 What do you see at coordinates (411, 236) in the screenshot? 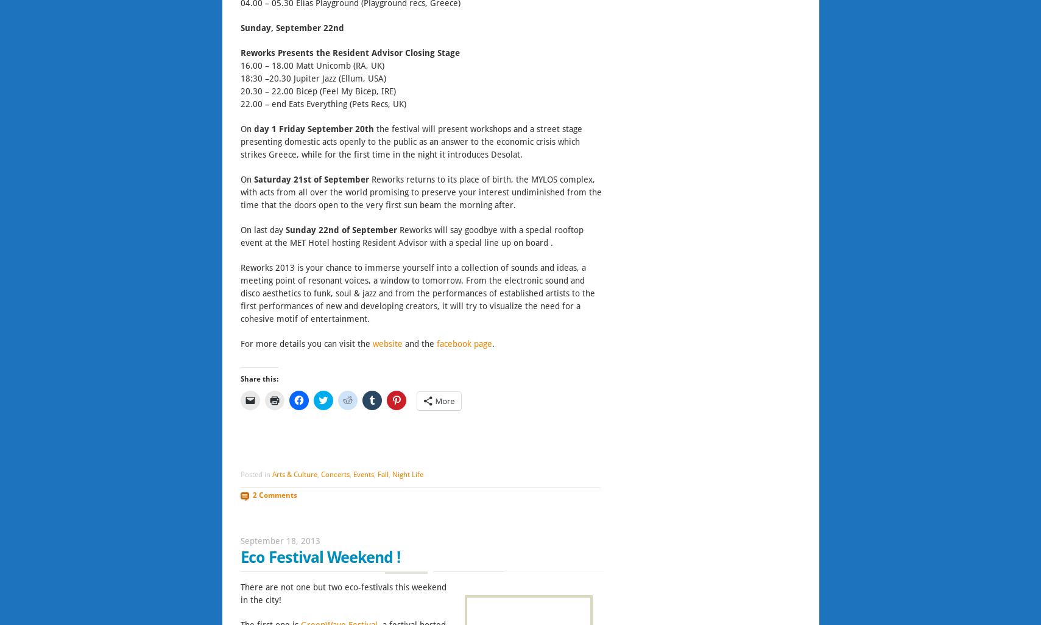
I see `'Reworks will say goodbye with a special rooftop event at the MET Hotel hosting Resident Advisor with a special line up on board .'` at bounding box center [411, 236].